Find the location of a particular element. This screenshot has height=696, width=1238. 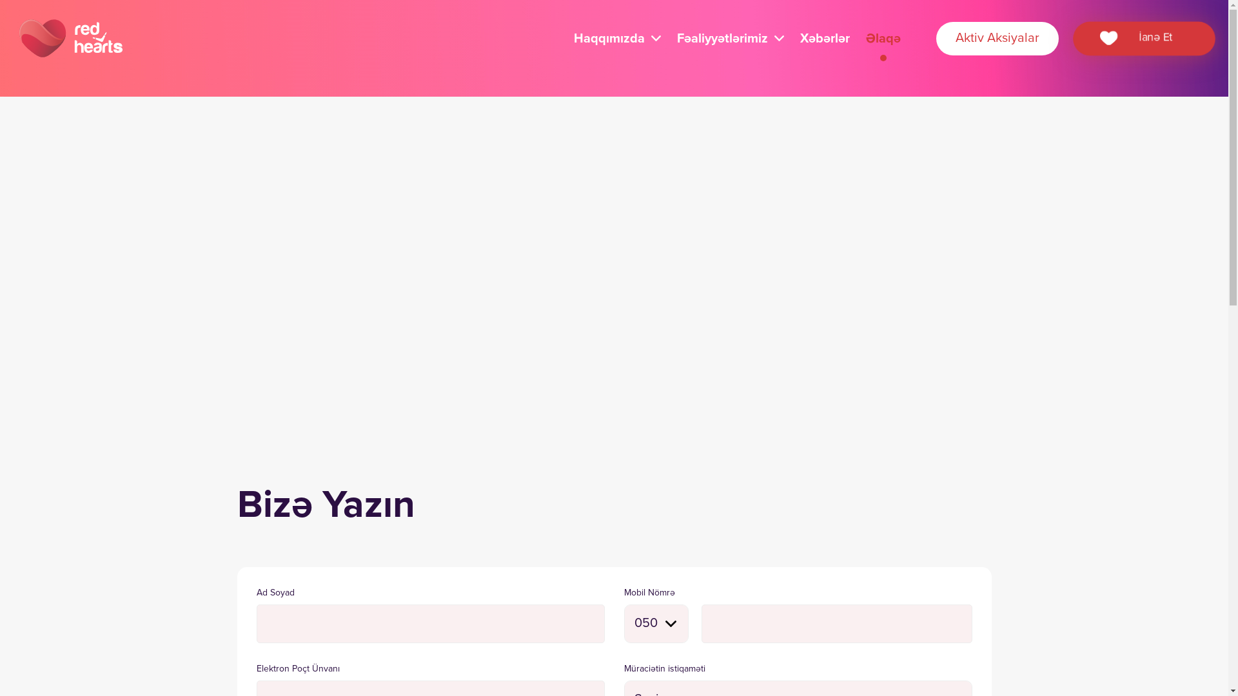

'Aktiv Aksiyalar' is located at coordinates (936, 38).